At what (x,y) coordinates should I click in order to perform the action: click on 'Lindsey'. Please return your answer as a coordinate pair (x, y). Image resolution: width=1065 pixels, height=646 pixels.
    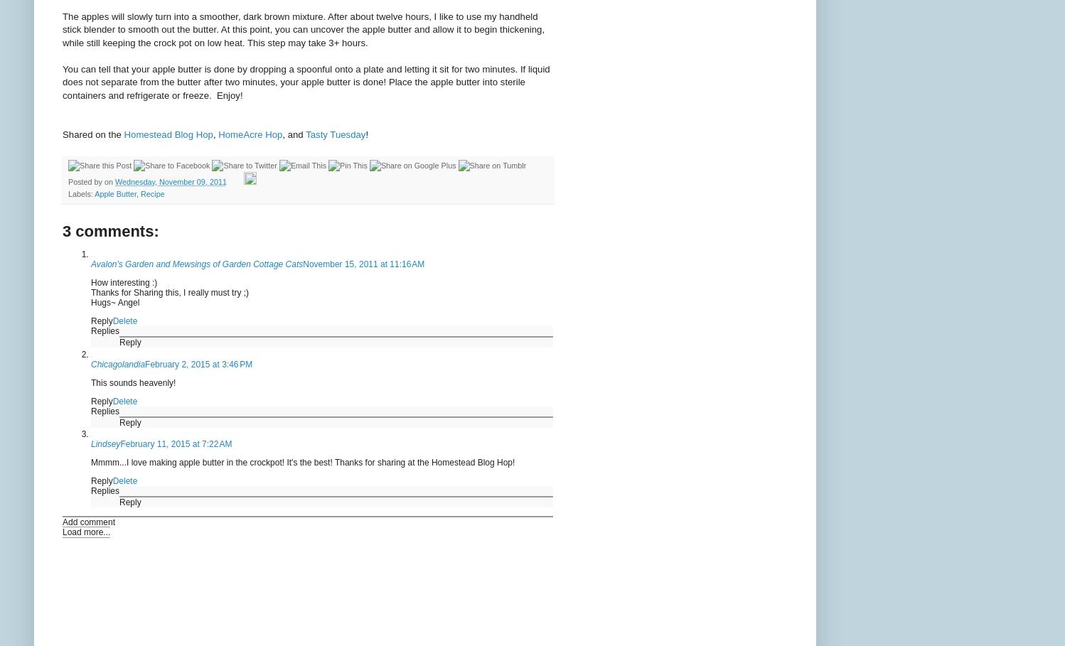
    Looking at the image, I should click on (105, 444).